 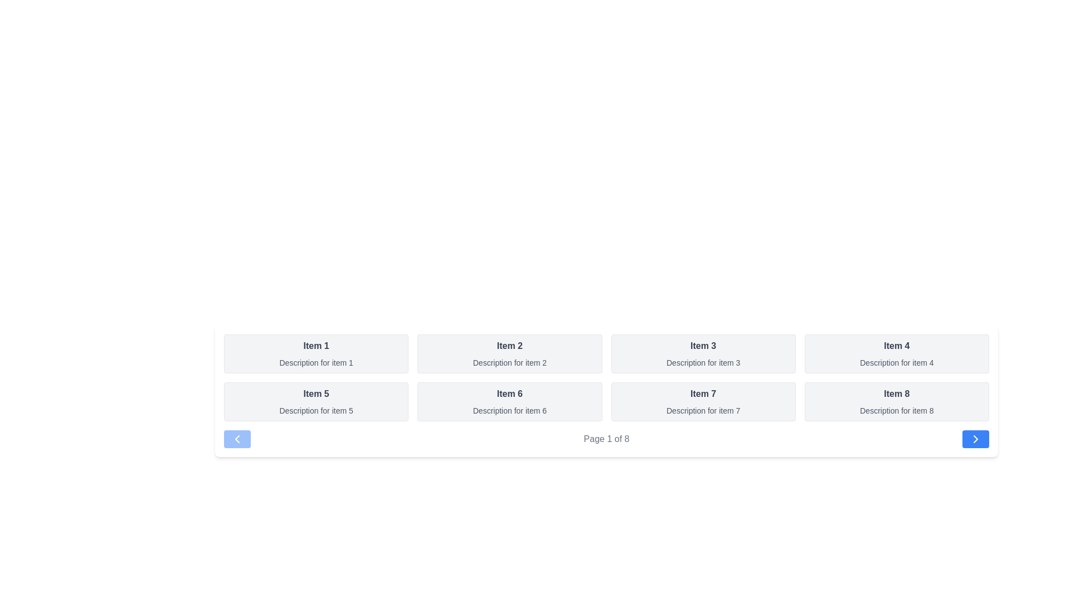 I want to click on the text label 'Item 3', so click(x=703, y=346).